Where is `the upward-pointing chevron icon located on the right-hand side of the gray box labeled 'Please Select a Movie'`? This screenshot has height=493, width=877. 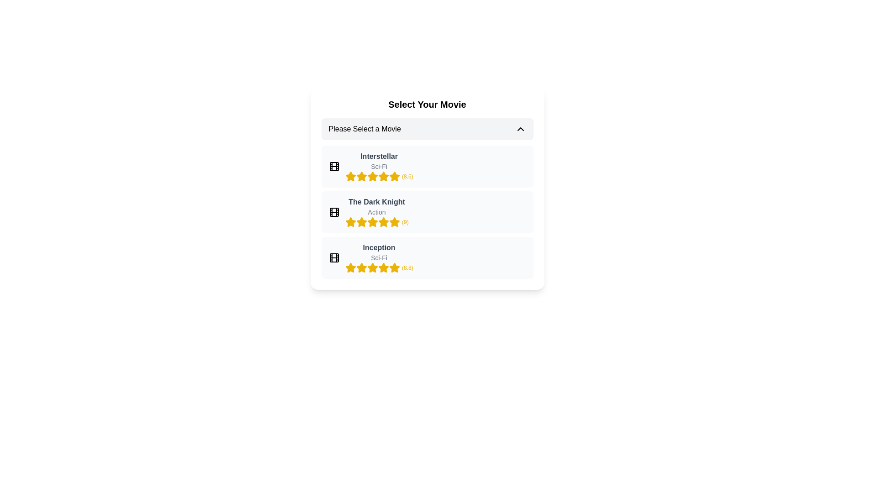 the upward-pointing chevron icon located on the right-hand side of the gray box labeled 'Please Select a Movie' is located at coordinates (520, 129).